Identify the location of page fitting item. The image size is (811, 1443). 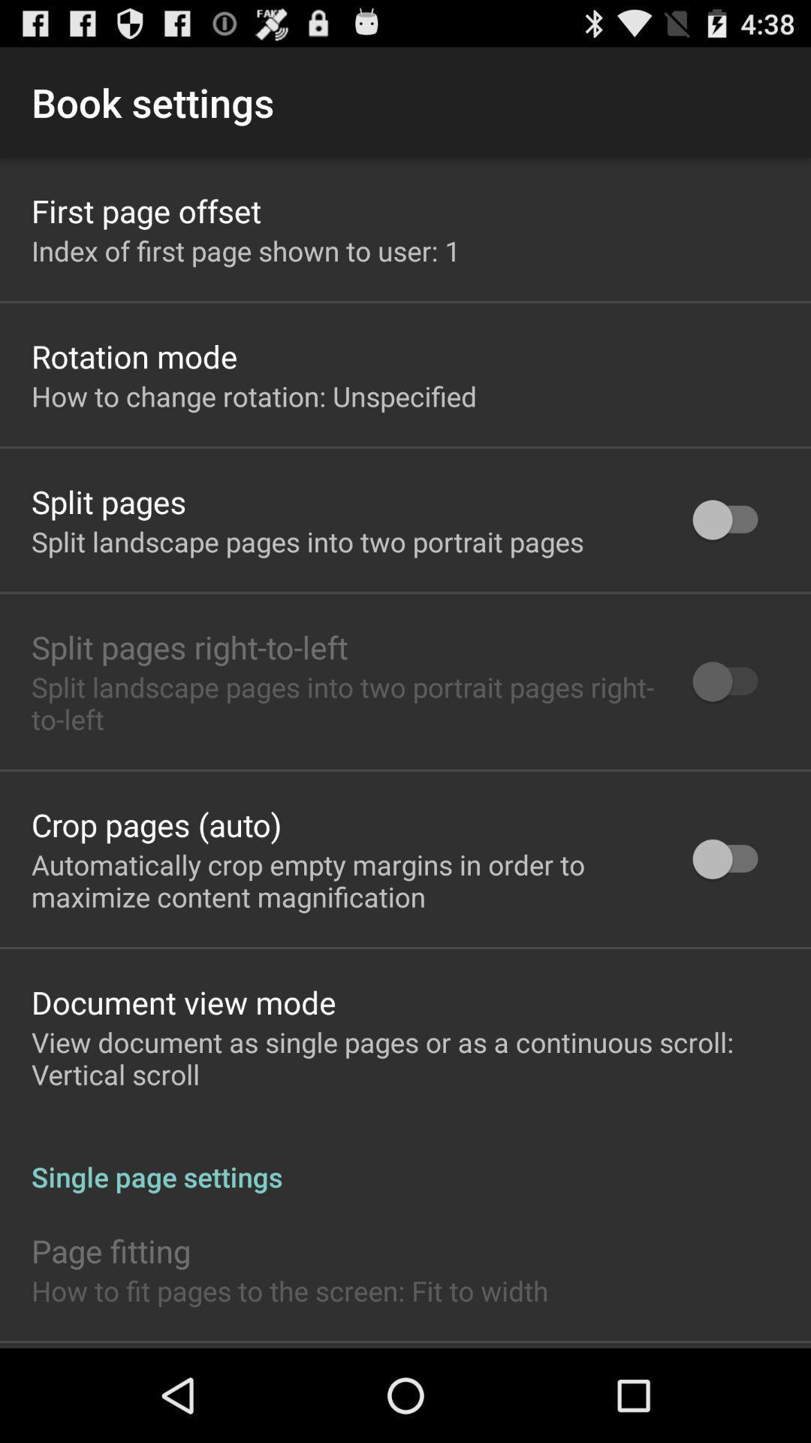
(110, 1251).